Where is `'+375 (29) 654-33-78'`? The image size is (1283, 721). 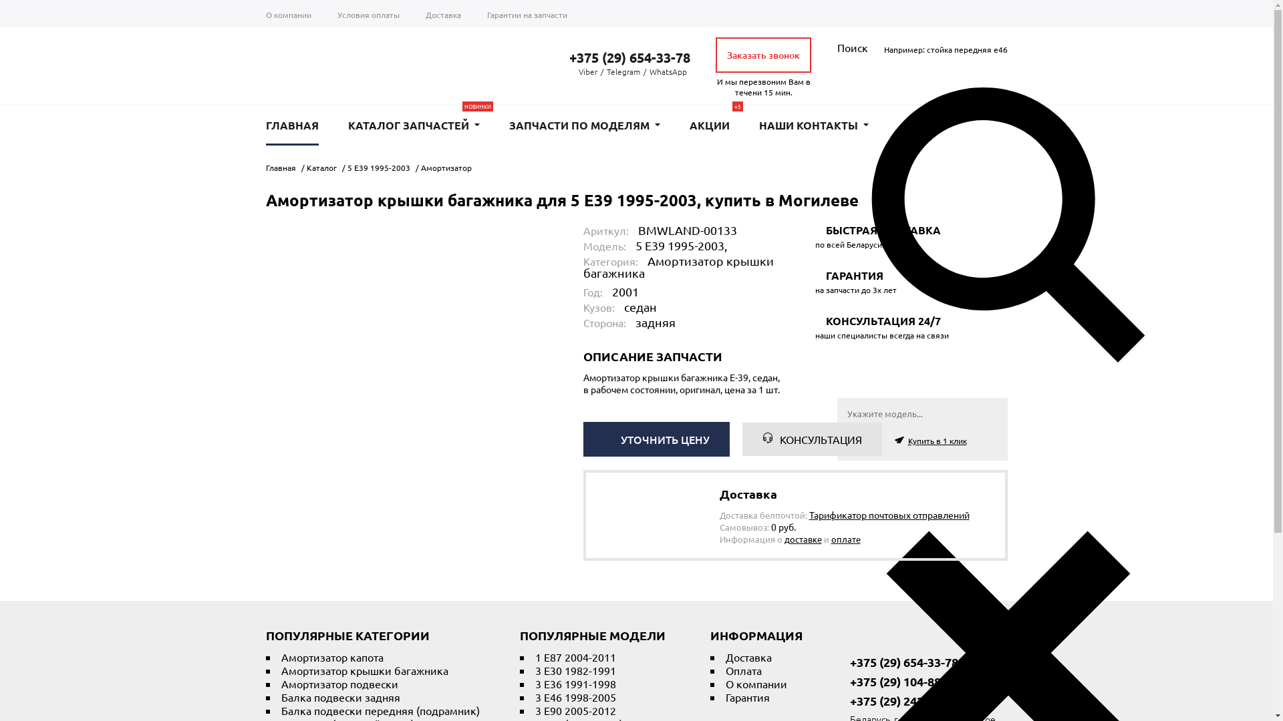
'+375 (29) 654-33-78' is located at coordinates (620, 56).